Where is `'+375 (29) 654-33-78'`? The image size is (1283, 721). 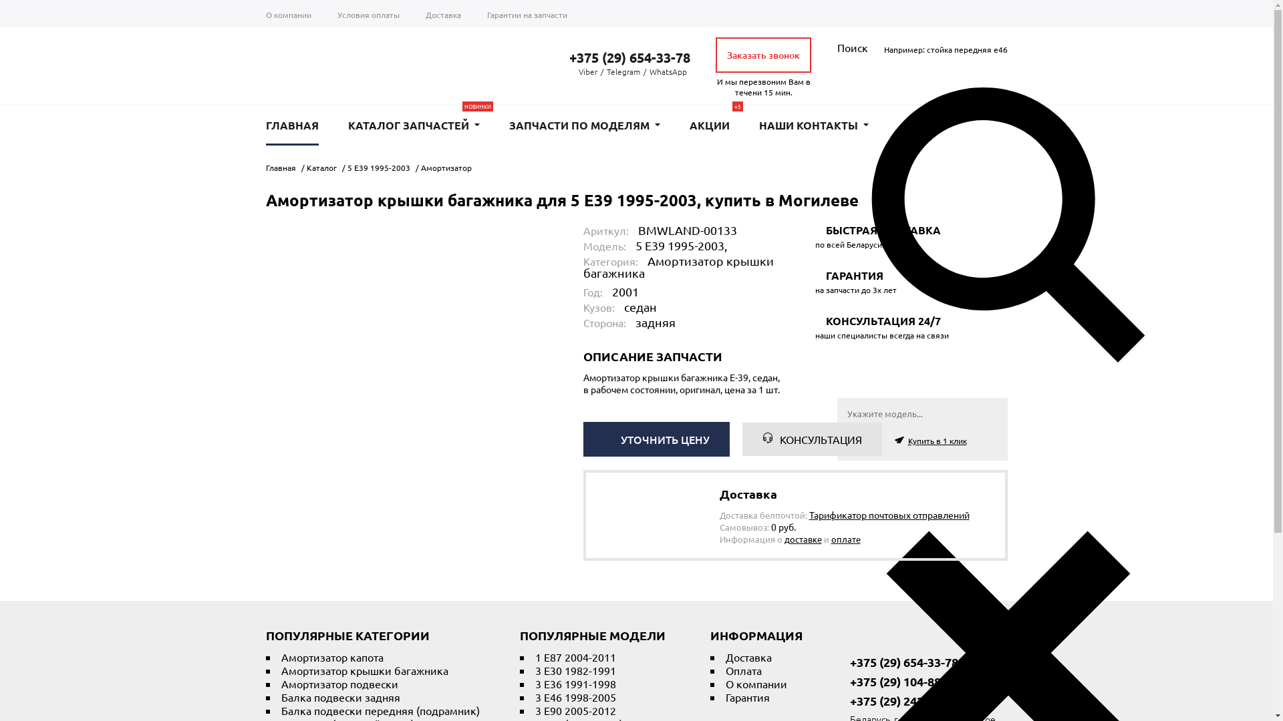
'+375 (29) 654-33-78' is located at coordinates (620, 56).